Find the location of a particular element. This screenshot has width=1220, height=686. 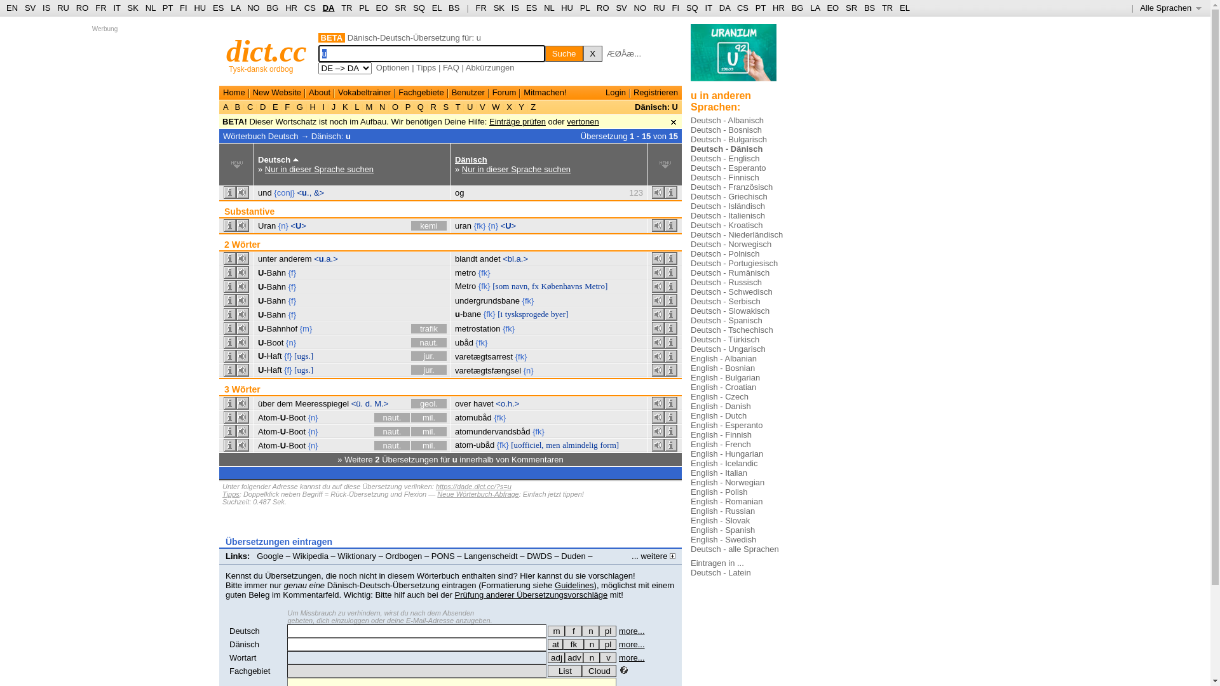

'E' is located at coordinates (274, 106).